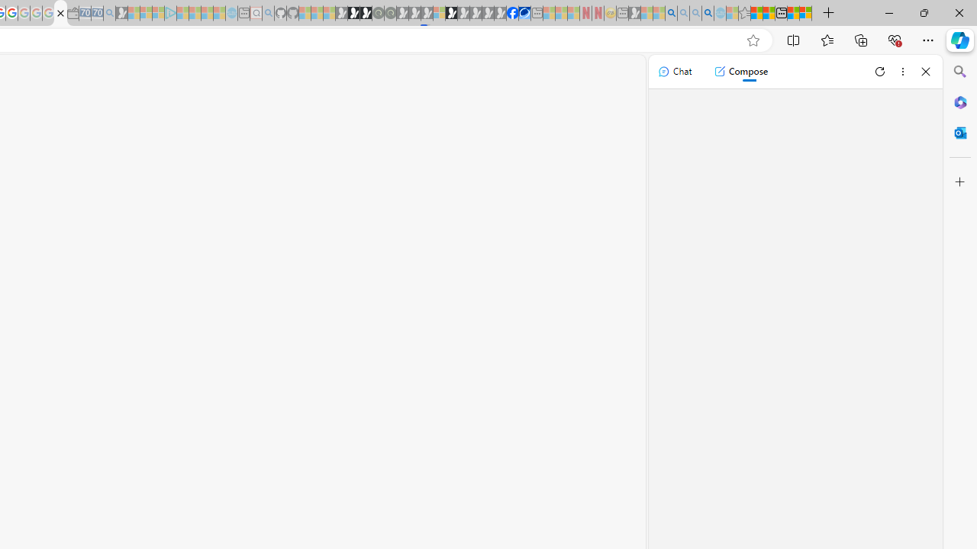  What do you see at coordinates (438, 13) in the screenshot?
I see `'Sign in to your account - Sleeping'` at bounding box center [438, 13].